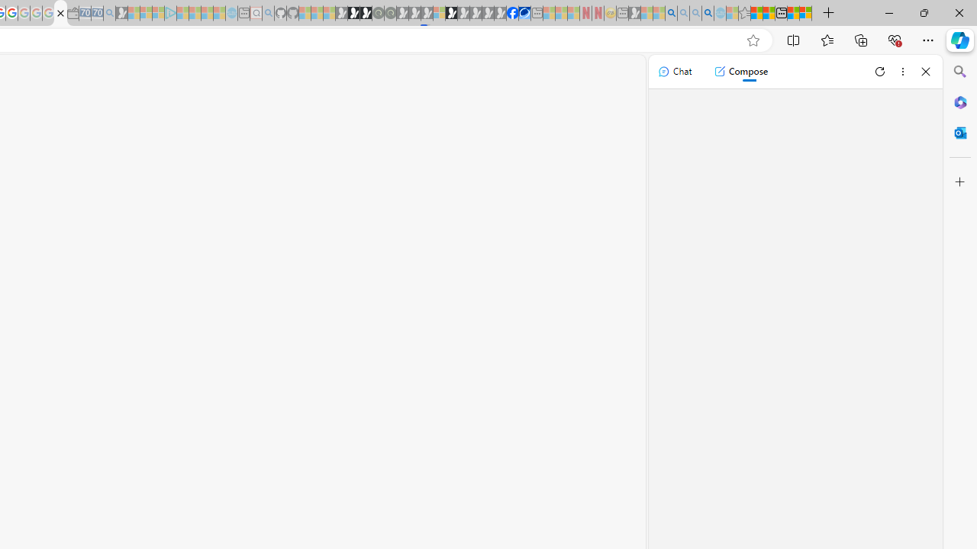  What do you see at coordinates (438, 13) in the screenshot?
I see `'Sign in to your account - Sleeping'` at bounding box center [438, 13].